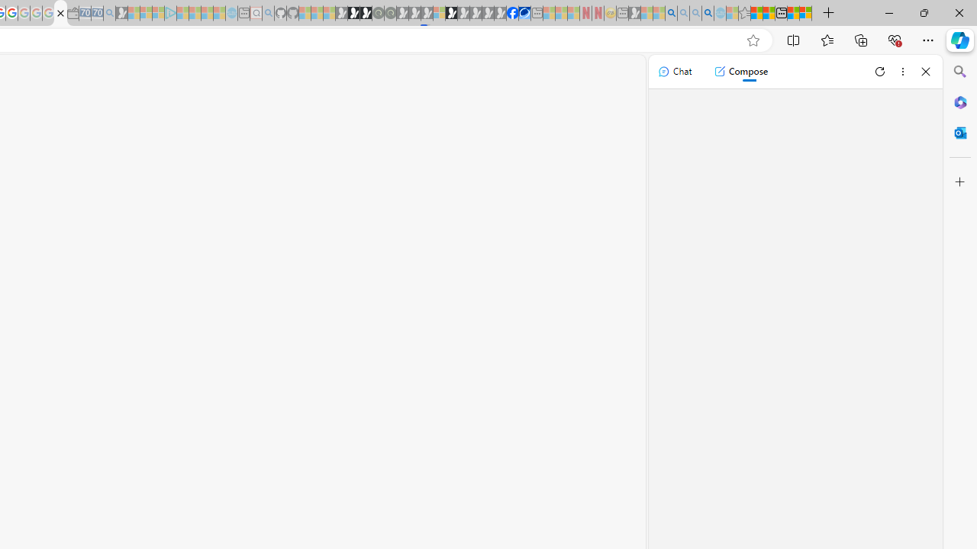  What do you see at coordinates (438, 13) in the screenshot?
I see `'Sign in to your account - Sleeping'` at bounding box center [438, 13].